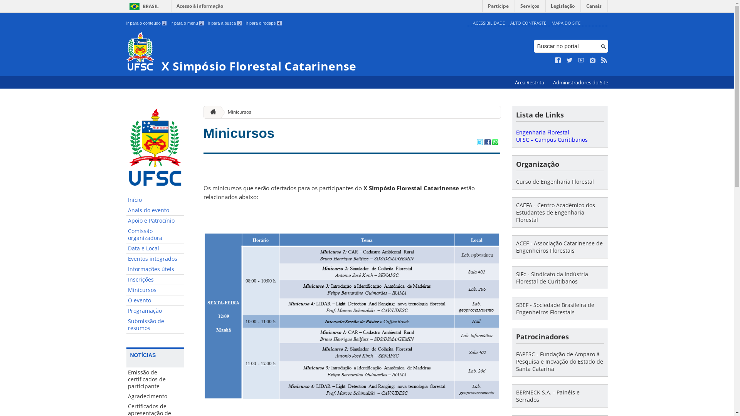 The height and width of the screenshot is (416, 740). Describe the element at coordinates (558, 60) in the screenshot. I see `'Curta no Facebook'` at that location.